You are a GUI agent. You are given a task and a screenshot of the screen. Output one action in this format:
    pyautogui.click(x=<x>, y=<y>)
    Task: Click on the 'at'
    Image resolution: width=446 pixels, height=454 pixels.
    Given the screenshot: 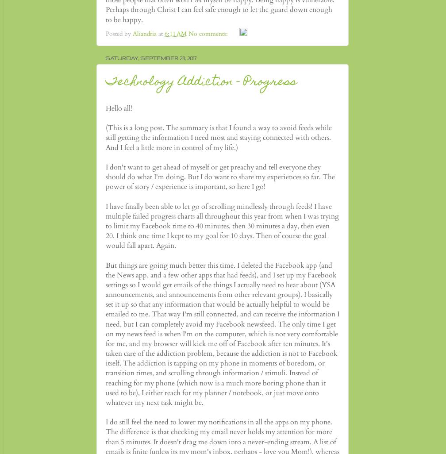 What is the action you would take?
    pyautogui.click(x=161, y=33)
    